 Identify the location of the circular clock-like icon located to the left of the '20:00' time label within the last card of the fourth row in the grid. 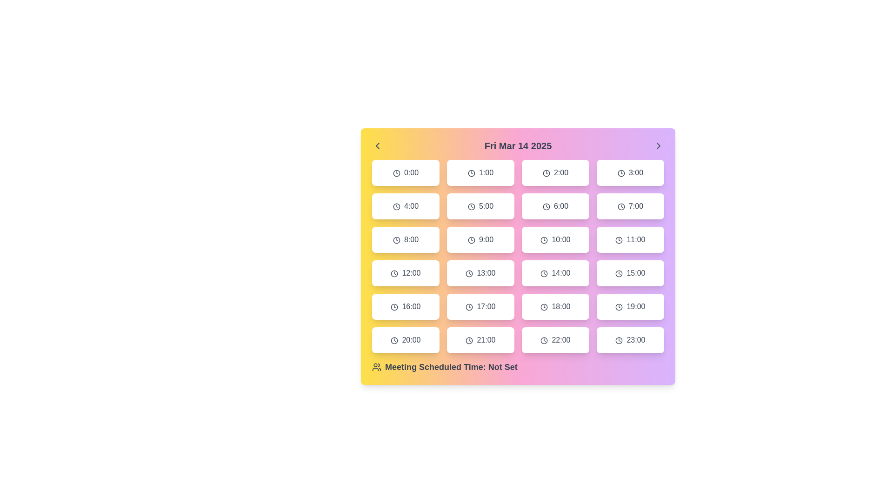
(394, 340).